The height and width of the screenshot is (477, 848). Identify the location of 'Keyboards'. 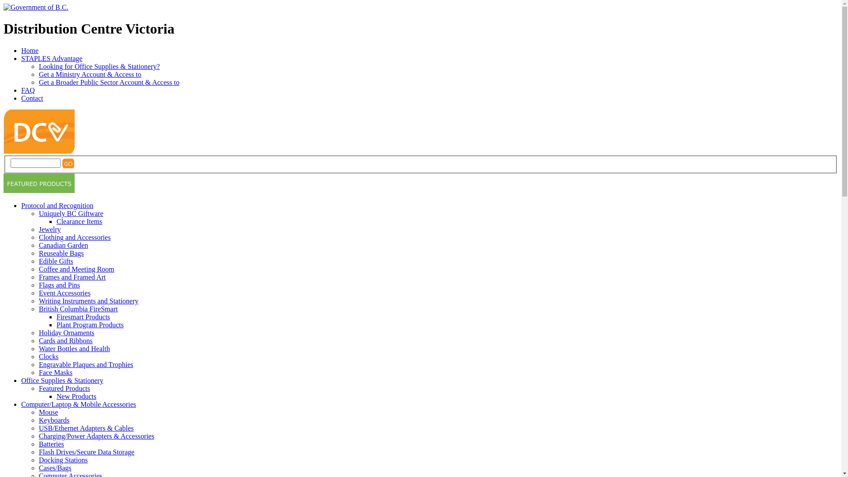
(38, 420).